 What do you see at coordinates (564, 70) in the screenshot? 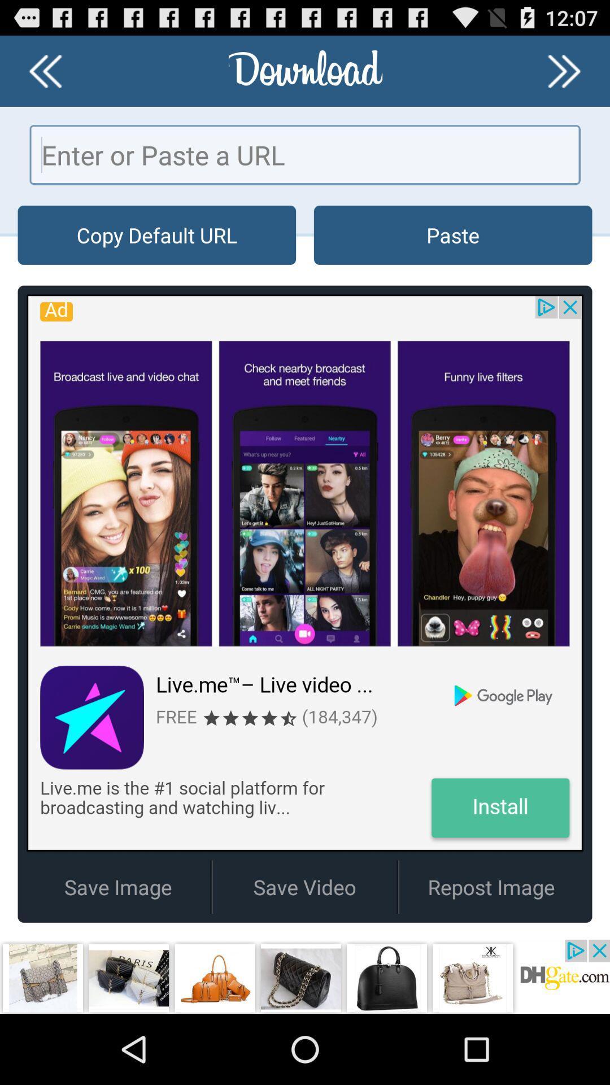
I see `go next` at bounding box center [564, 70].